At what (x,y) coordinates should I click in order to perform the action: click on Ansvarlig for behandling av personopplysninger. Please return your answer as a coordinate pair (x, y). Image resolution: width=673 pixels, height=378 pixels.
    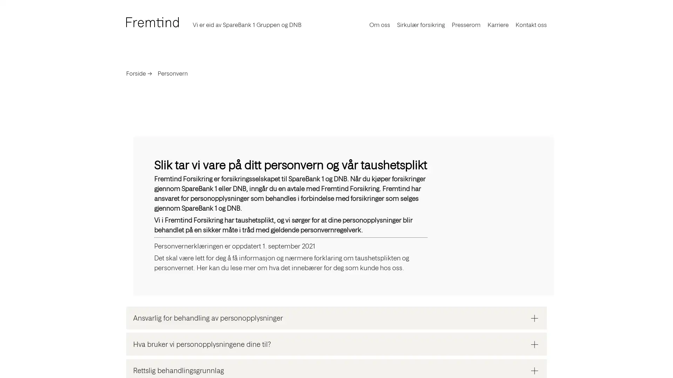
    Looking at the image, I should click on (336, 318).